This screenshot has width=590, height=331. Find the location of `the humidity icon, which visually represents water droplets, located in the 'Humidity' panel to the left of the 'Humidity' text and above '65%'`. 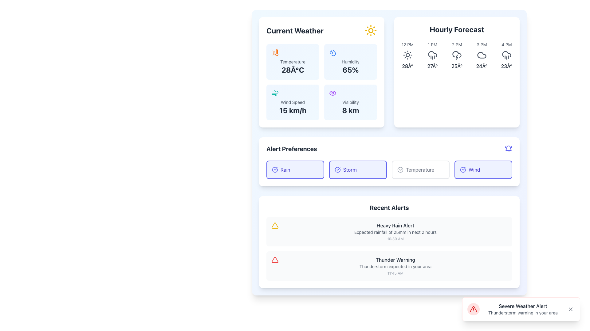

the humidity icon, which visually represents water droplets, located in the 'Humidity' panel to the left of the 'Humidity' text and above '65%' is located at coordinates (332, 52).